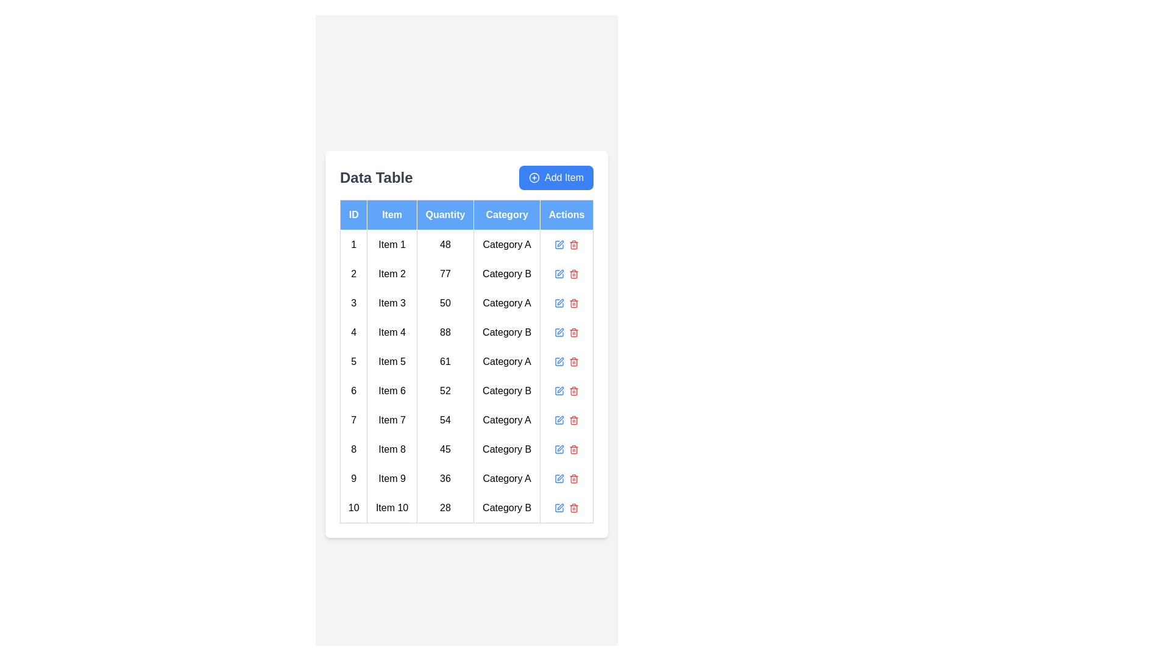 Image resolution: width=1170 pixels, height=658 pixels. What do you see at coordinates (507, 244) in the screenshot?
I see `the 'Category' Text Label in the first row of the data table, which displays the associated category for the data row` at bounding box center [507, 244].